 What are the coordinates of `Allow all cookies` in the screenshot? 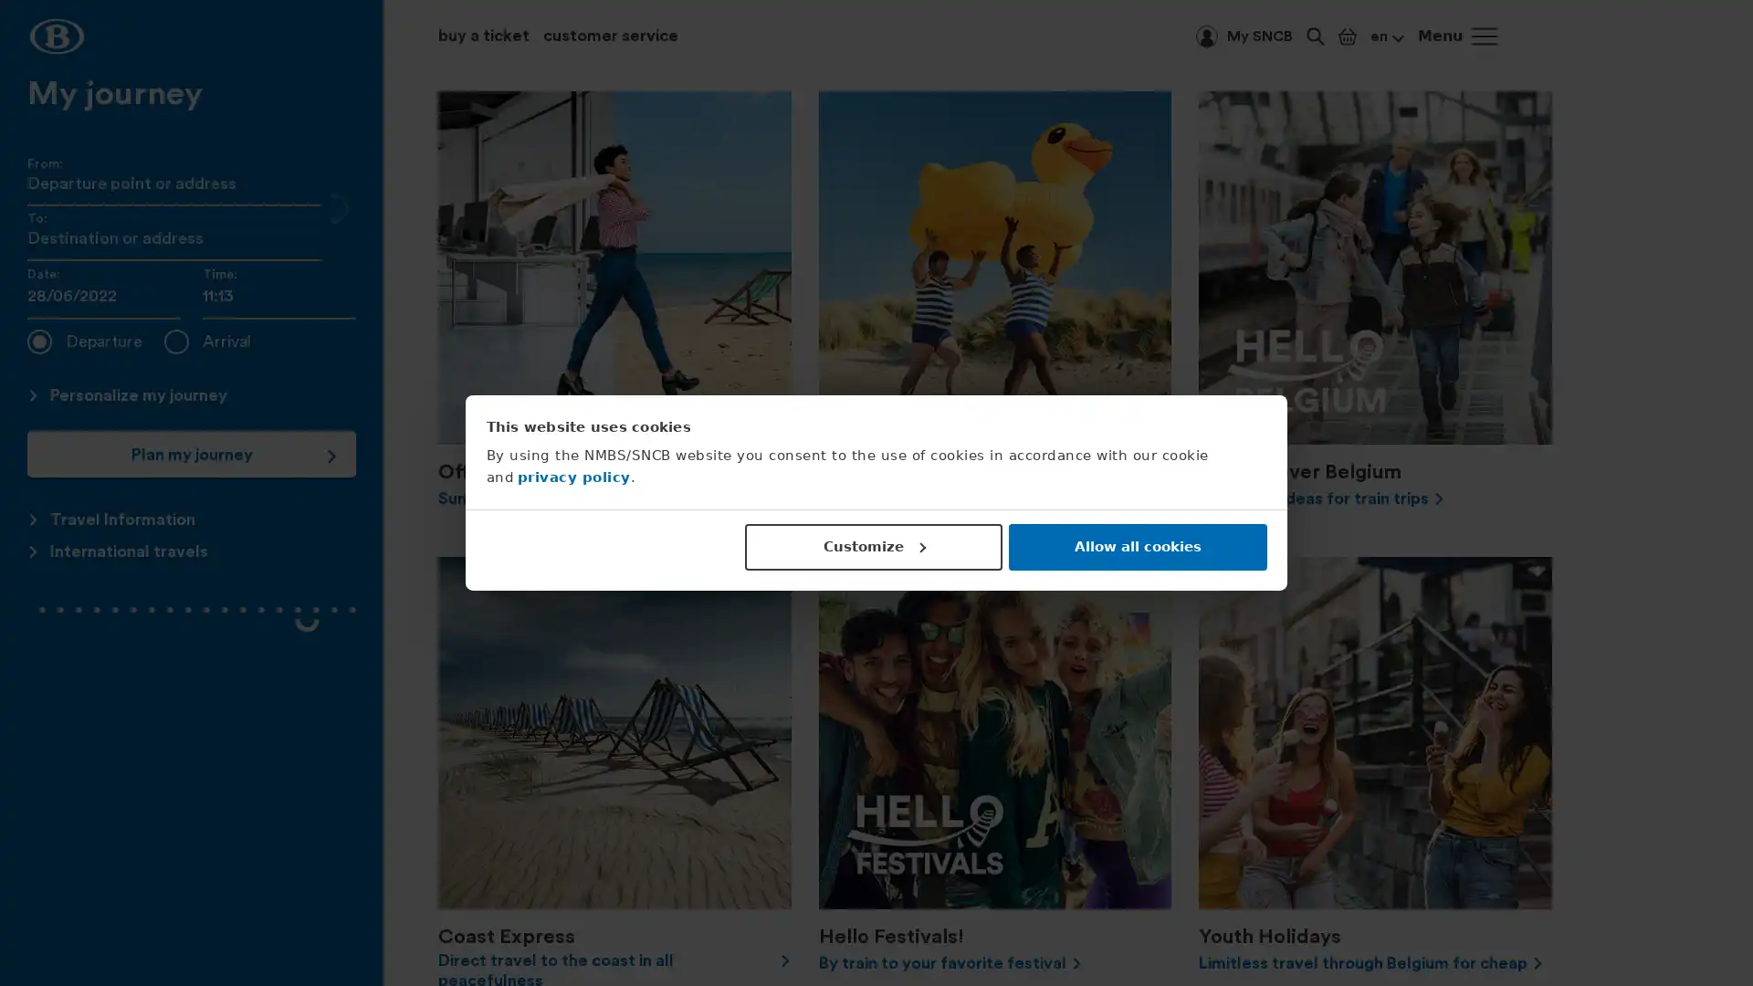 It's located at (1137, 545).